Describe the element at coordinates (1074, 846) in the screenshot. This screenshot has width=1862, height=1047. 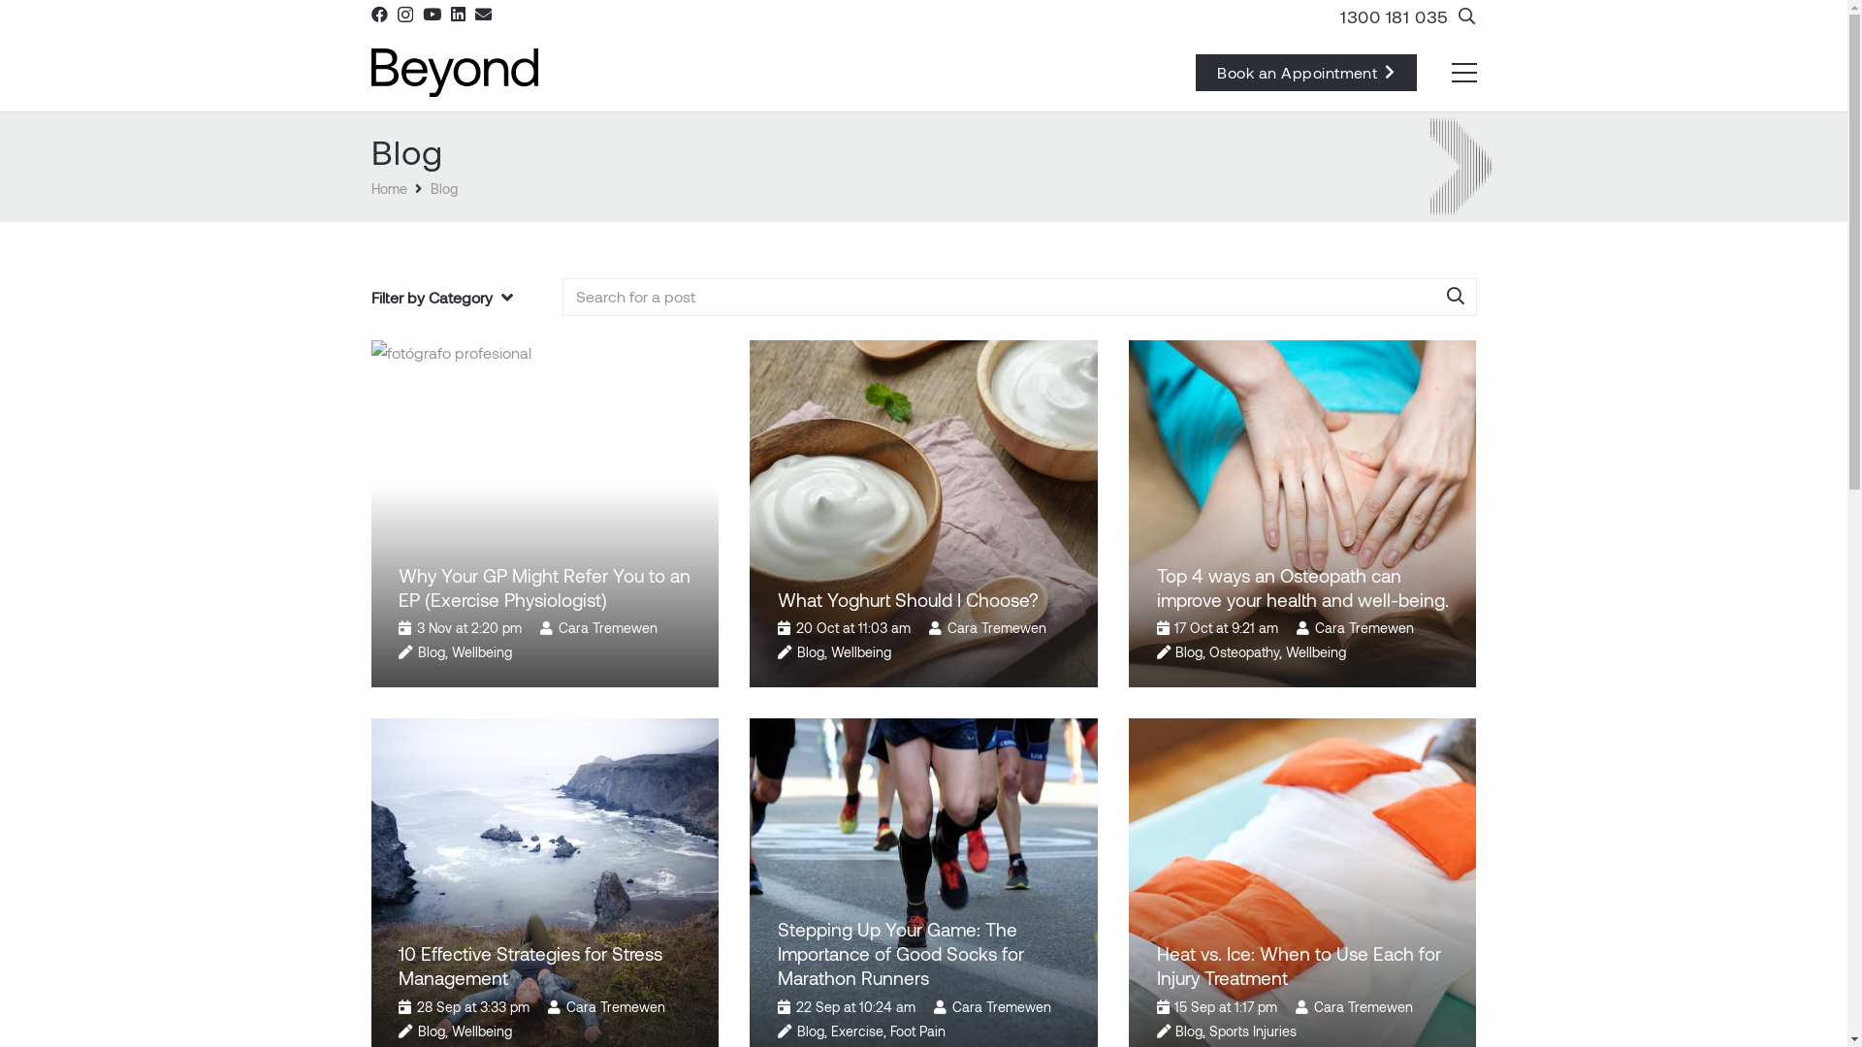
I see `'LinkedIn'` at that location.